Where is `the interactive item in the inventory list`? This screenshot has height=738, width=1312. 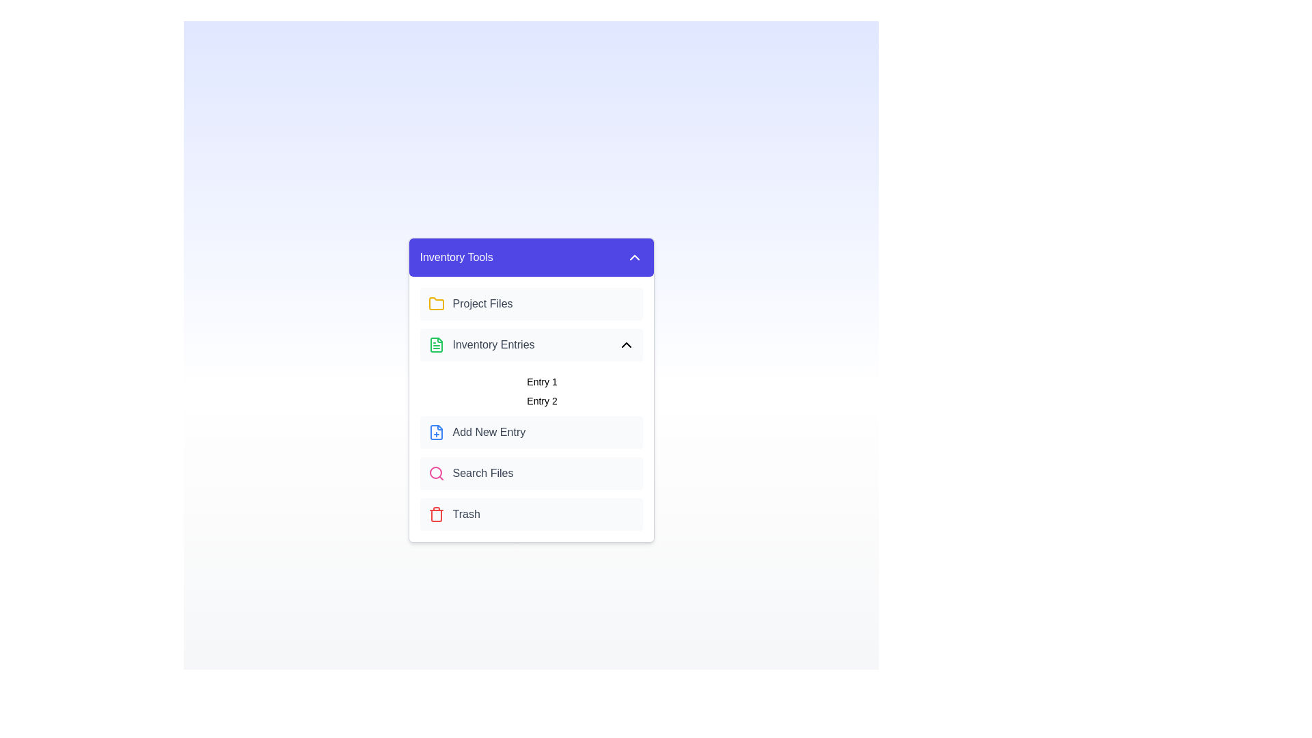 the interactive item in the inventory list is located at coordinates (530, 389).